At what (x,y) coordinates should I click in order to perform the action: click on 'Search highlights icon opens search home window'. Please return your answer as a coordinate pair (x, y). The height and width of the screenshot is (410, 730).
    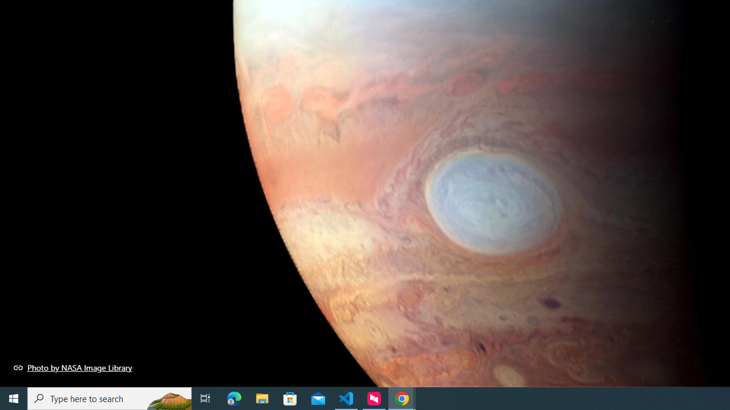
    Looking at the image, I should click on (168, 397).